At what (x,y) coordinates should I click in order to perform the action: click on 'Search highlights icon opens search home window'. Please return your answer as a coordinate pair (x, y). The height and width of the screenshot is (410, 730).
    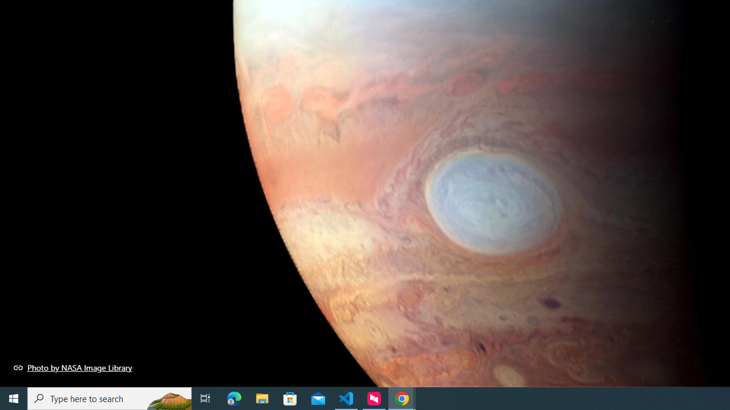
    Looking at the image, I should click on (168, 397).